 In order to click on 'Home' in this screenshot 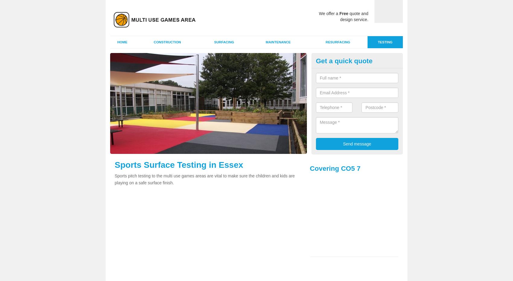, I will do `click(122, 42)`.